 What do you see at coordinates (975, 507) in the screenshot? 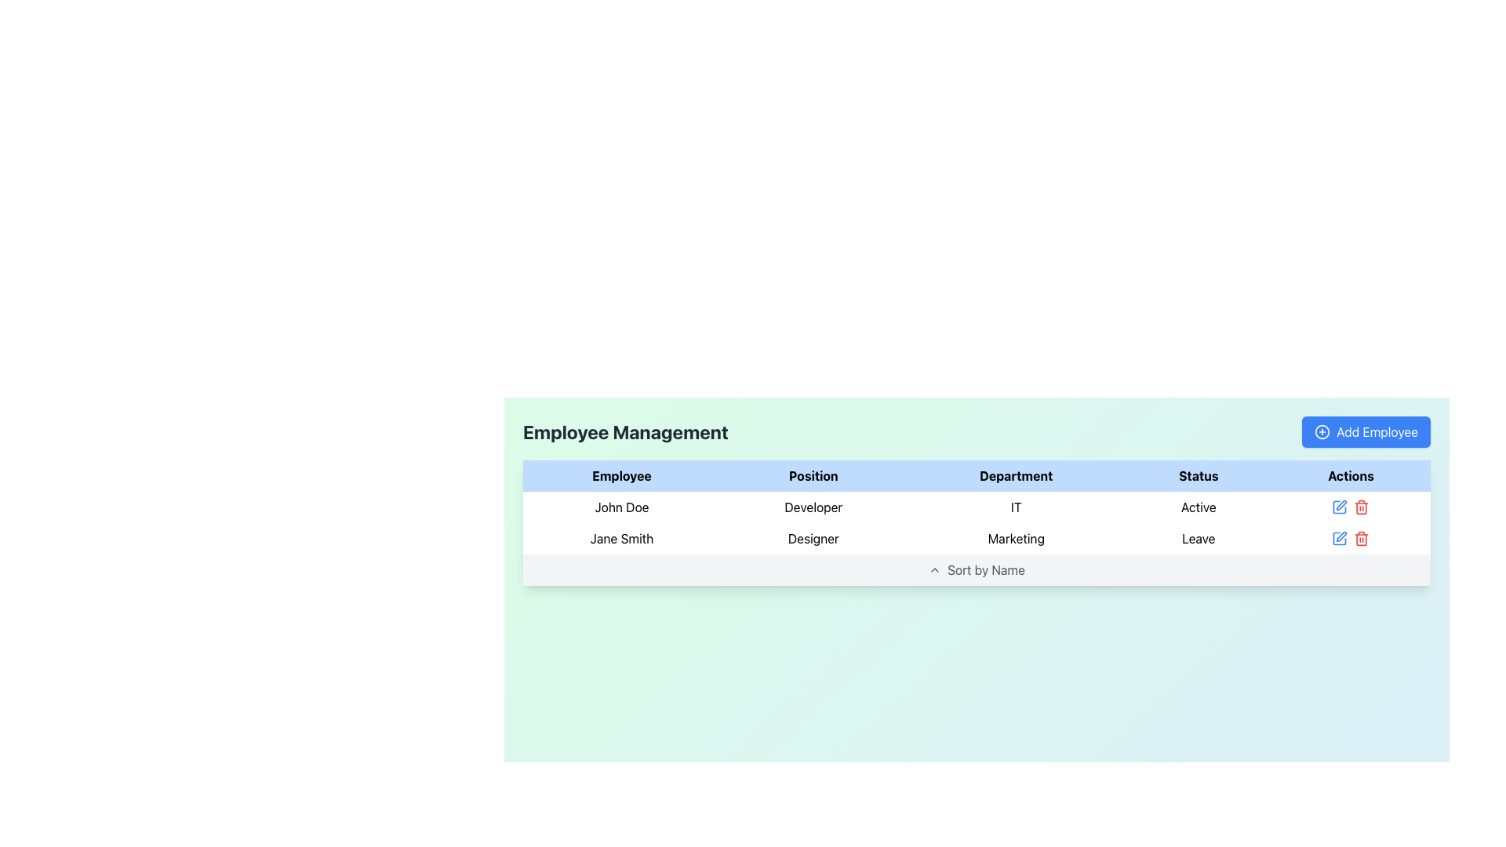
I see `the first row of the employee information table containing 'John Doe', 'Developer', 'IT', and 'Active'` at bounding box center [975, 507].